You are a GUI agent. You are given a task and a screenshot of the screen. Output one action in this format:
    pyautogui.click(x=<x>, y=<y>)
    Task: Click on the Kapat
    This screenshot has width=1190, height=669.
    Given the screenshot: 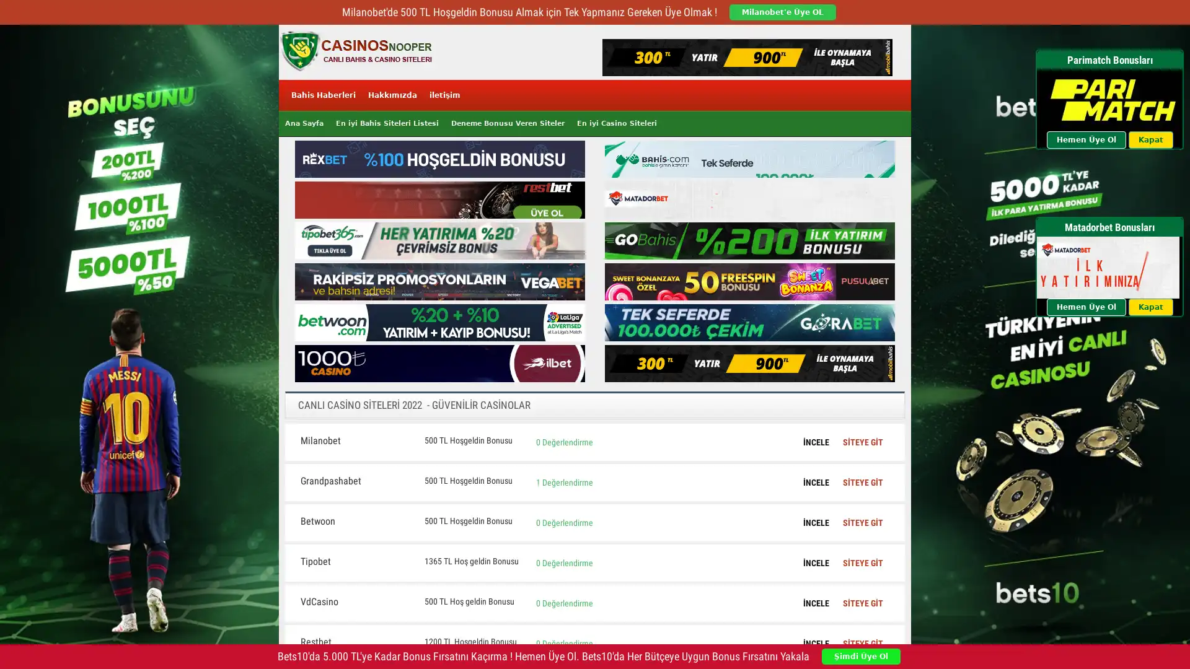 What is the action you would take?
    pyautogui.click(x=1150, y=307)
    